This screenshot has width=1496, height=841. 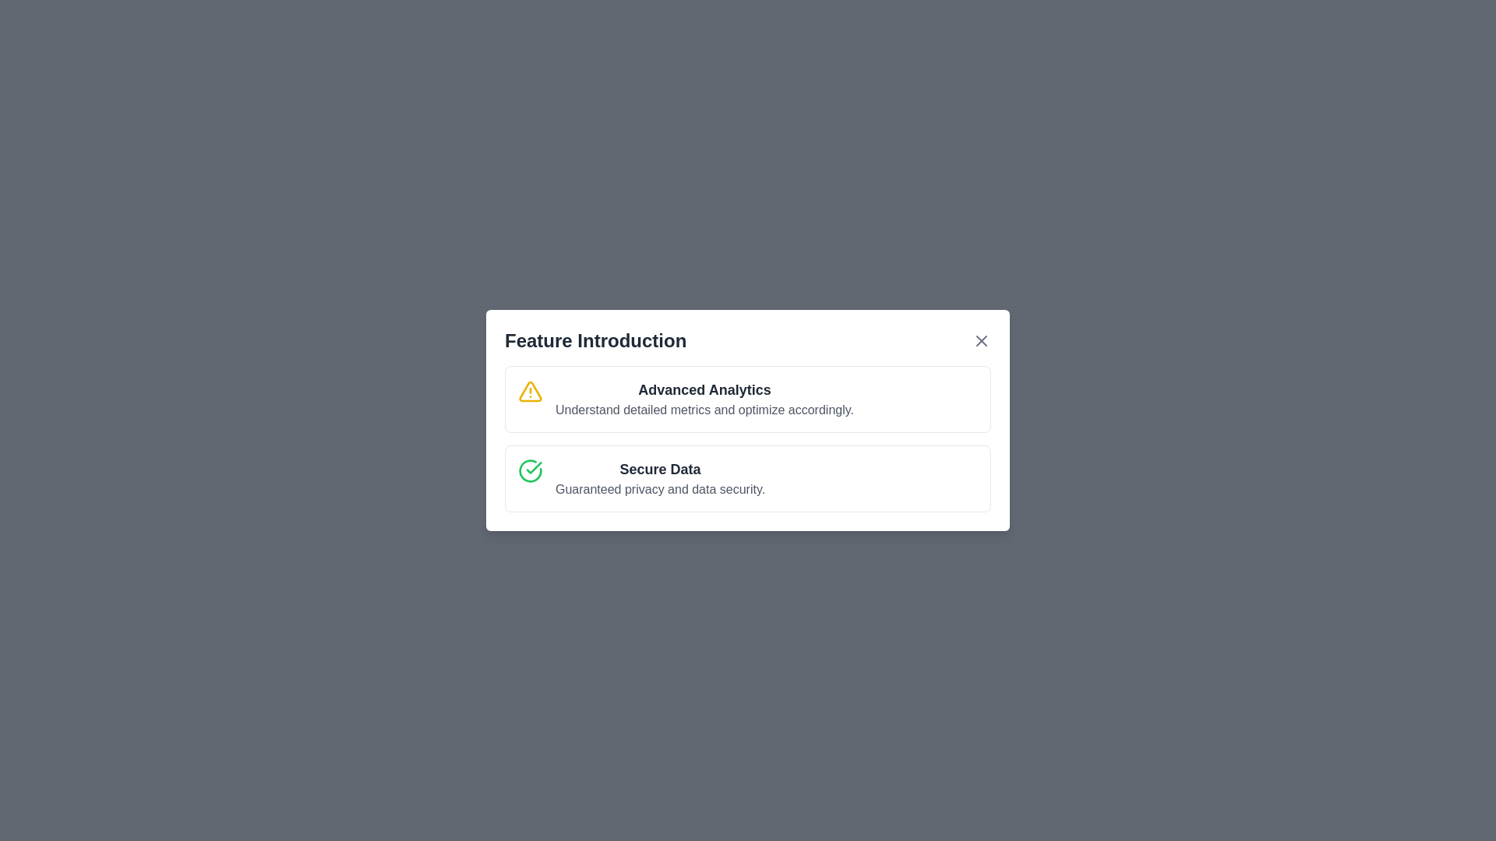 What do you see at coordinates (531, 470) in the screenshot?
I see `the visual impact of the green checkmark icon styled within a green circle, which is located to the left of the 'Secure Data' text inside the card component` at bounding box center [531, 470].